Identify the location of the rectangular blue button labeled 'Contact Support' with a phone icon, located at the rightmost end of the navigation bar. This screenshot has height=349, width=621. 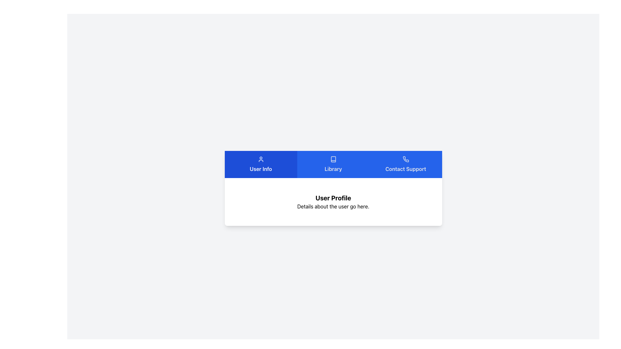
(405, 164).